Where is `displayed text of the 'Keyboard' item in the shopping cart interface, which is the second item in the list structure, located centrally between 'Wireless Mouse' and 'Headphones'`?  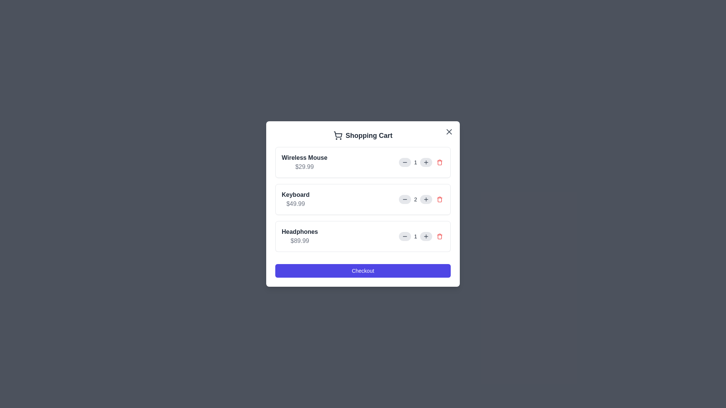 displayed text of the 'Keyboard' item in the shopping cart interface, which is the second item in the list structure, located centrally between 'Wireless Mouse' and 'Headphones' is located at coordinates (295, 199).